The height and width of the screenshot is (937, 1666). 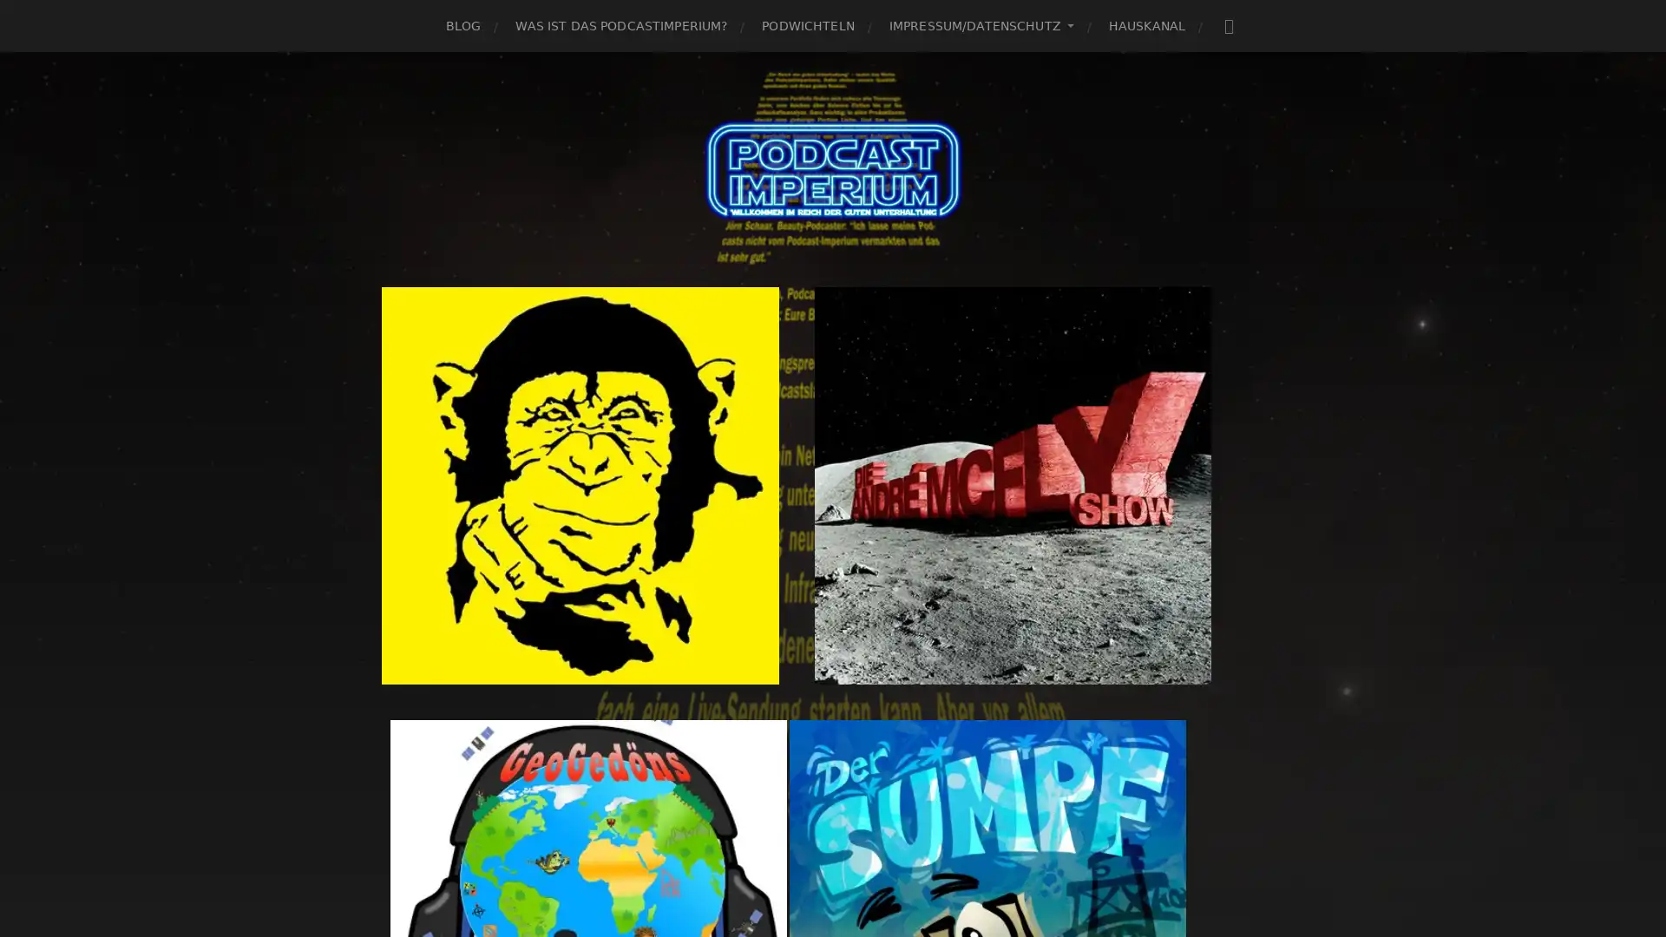 What do you see at coordinates (1228, 25) in the screenshot?
I see `SEARCH` at bounding box center [1228, 25].